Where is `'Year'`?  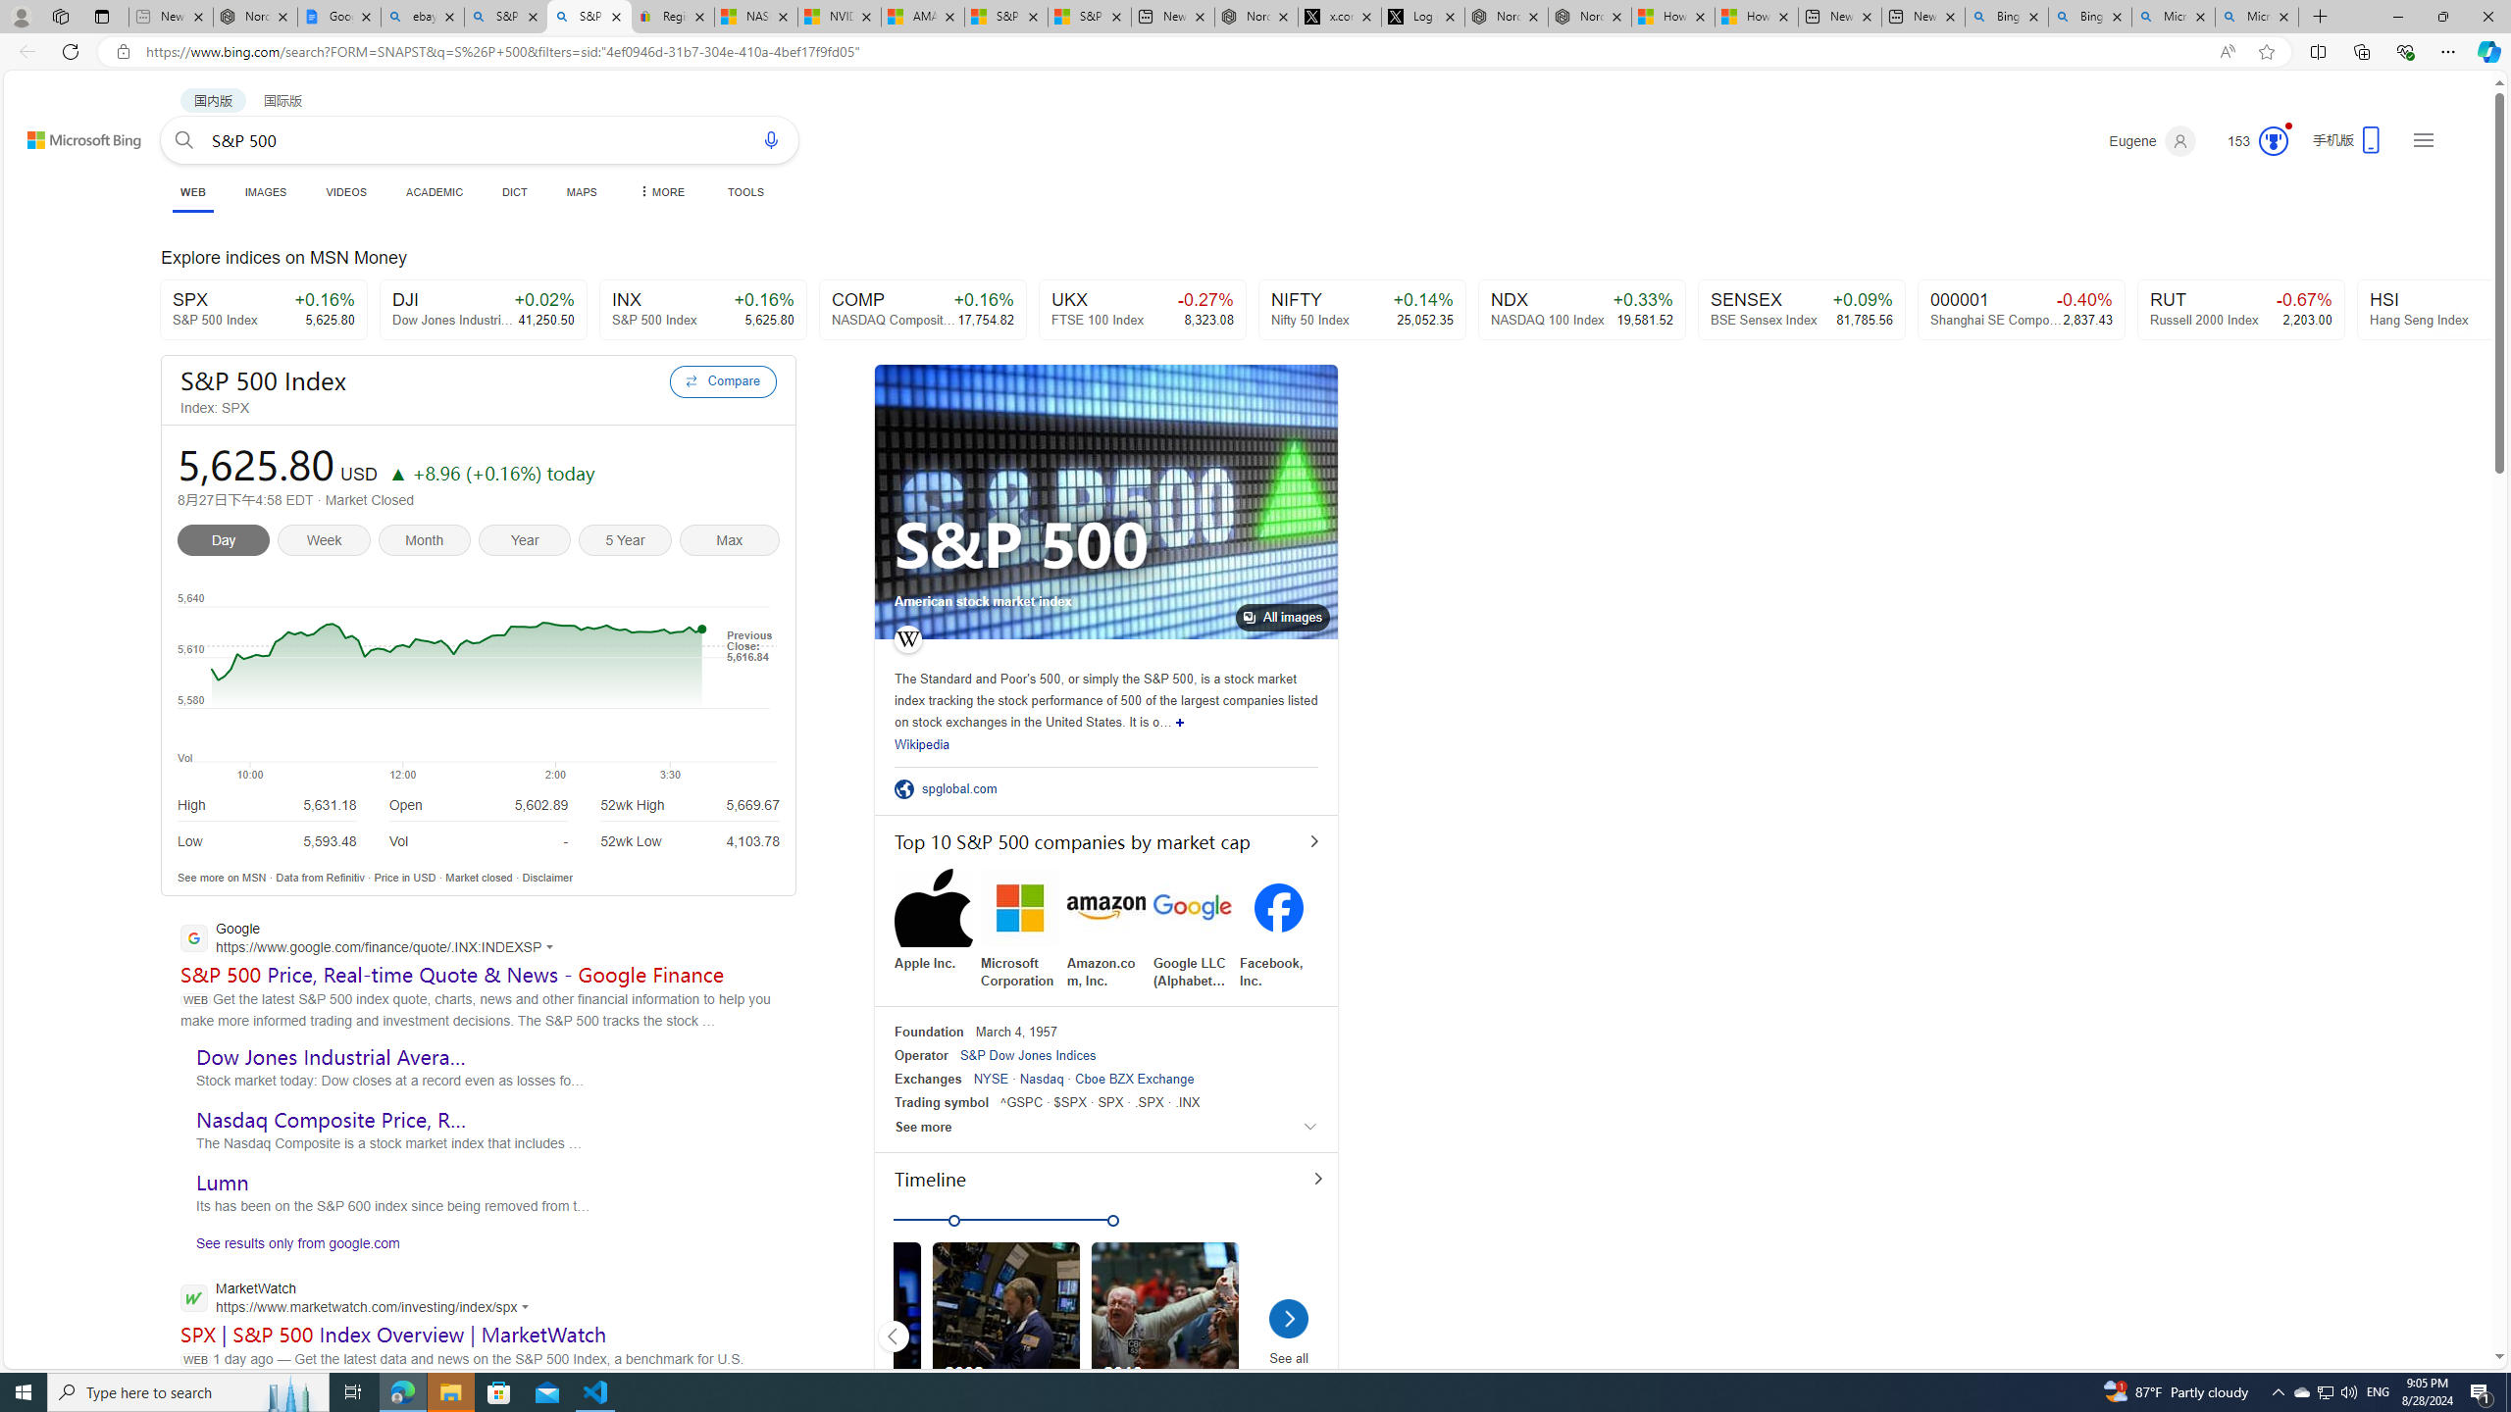
'Year' is located at coordinates (528, 541).